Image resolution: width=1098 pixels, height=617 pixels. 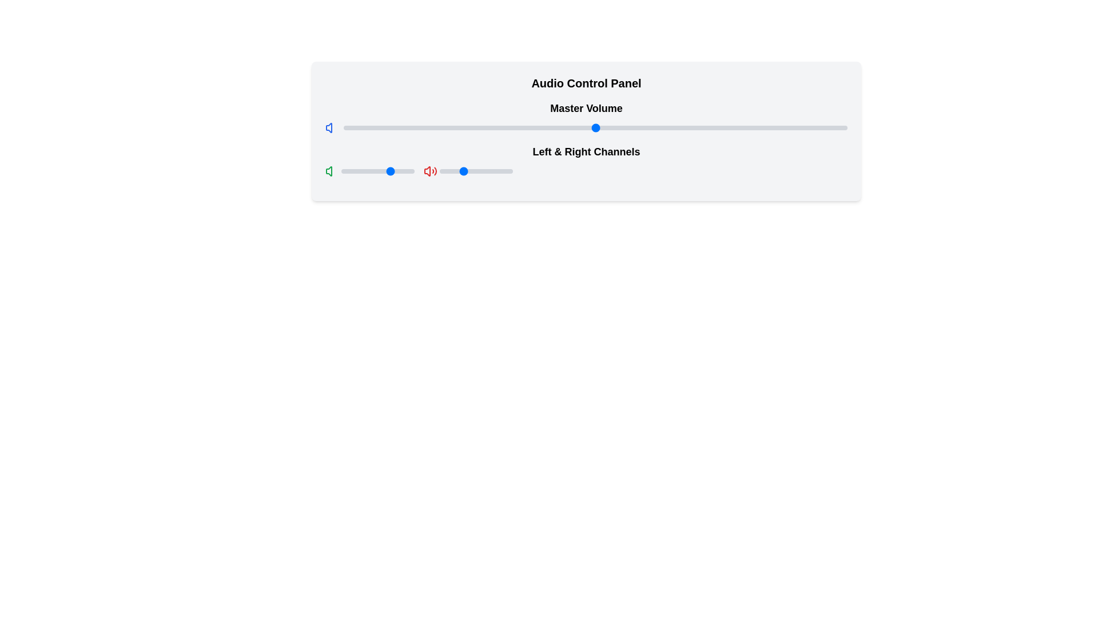 I want to click on the volume slider, so click(x=453, y=125).